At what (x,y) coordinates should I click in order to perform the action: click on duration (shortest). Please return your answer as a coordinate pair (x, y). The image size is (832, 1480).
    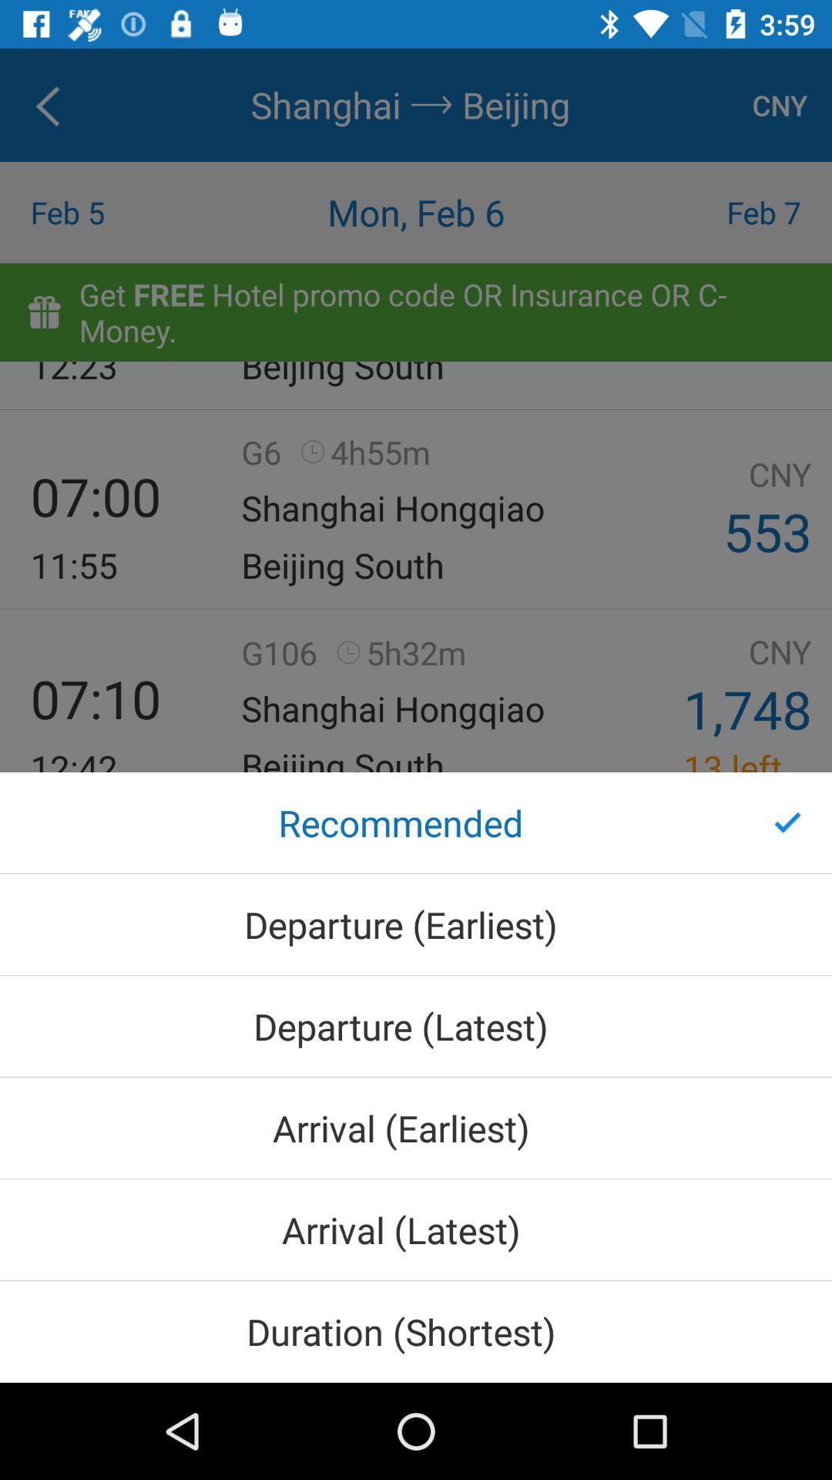
    Looking at the image, I should click on (416, 1330).